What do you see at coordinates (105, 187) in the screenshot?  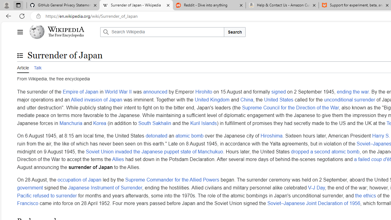 I see `'Japanese Instrument of Surrender'` at bounding box center [105, 187].